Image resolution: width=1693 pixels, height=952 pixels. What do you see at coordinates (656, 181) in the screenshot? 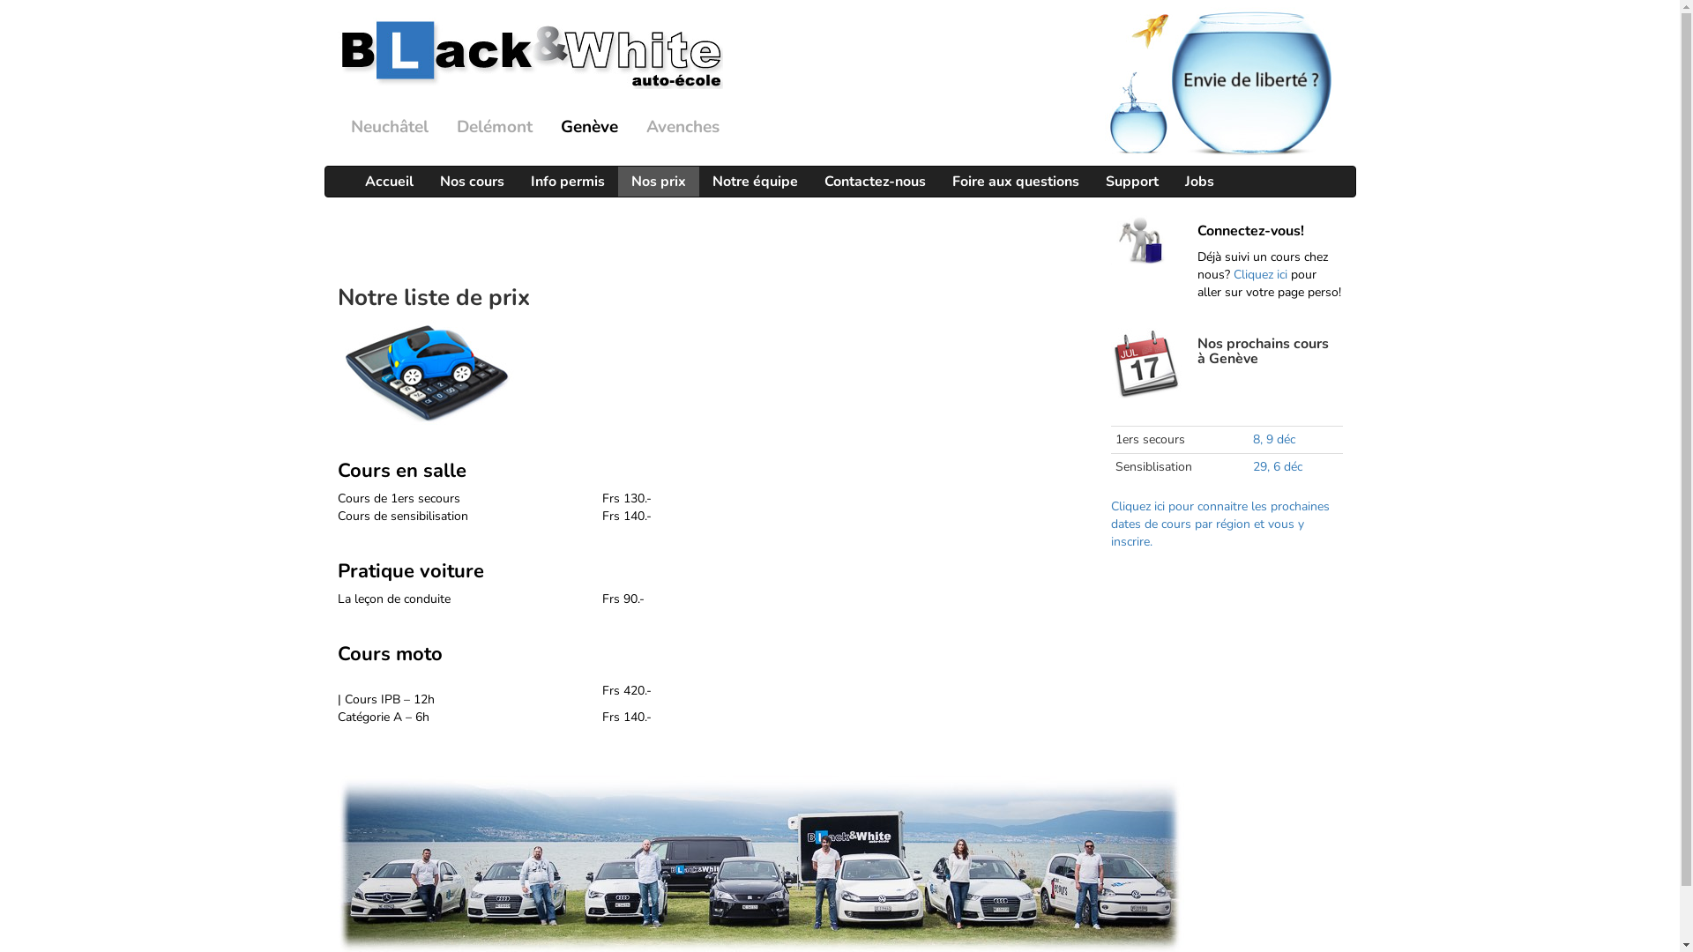
I see `'Nos prix'` at bounding box center [656, 181].